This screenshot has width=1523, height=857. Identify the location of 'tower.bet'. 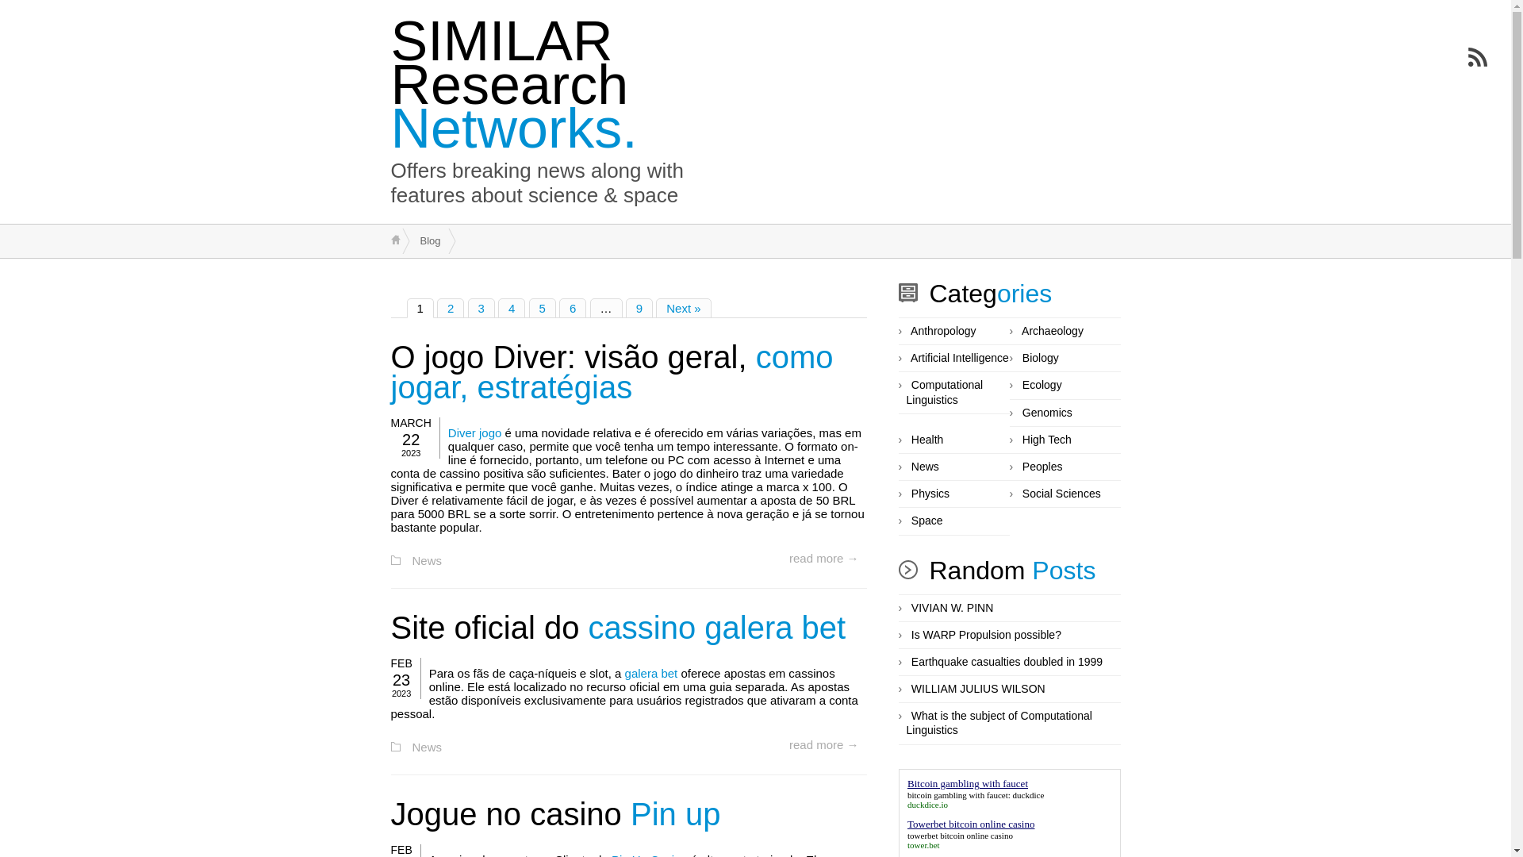
(923, 844).